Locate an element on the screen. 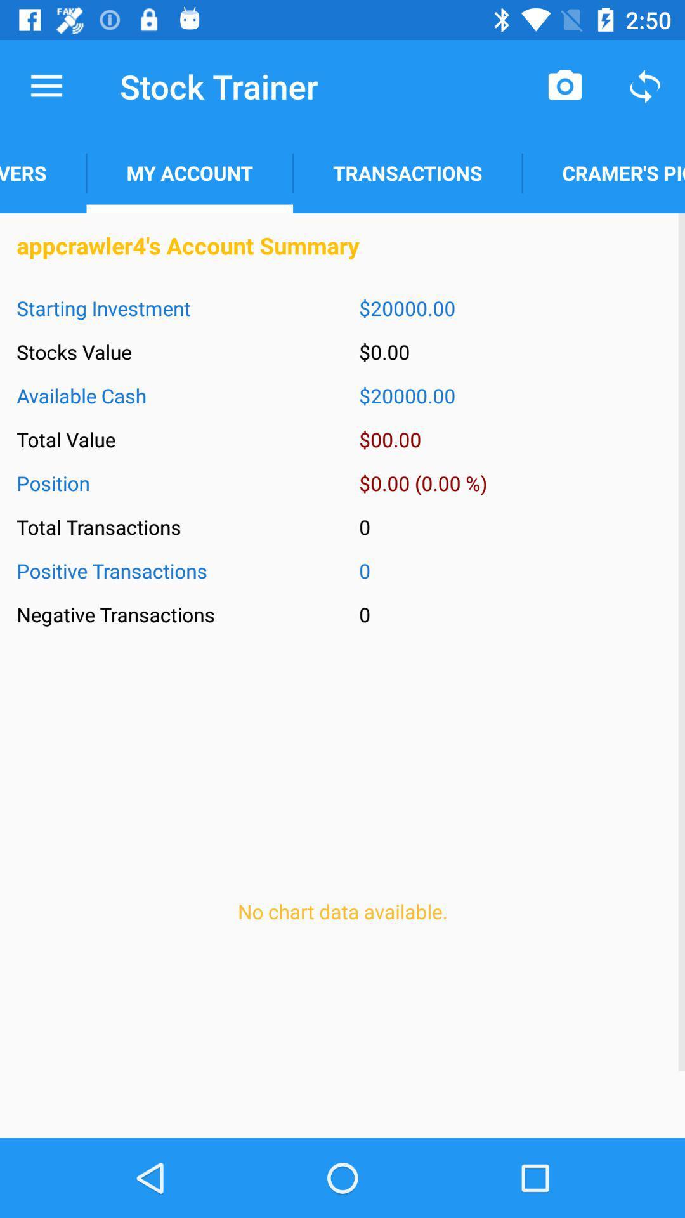 The width and height of the screenshot is (685, 1218). the icon next to the transactions is located at coordinates (603, 173).